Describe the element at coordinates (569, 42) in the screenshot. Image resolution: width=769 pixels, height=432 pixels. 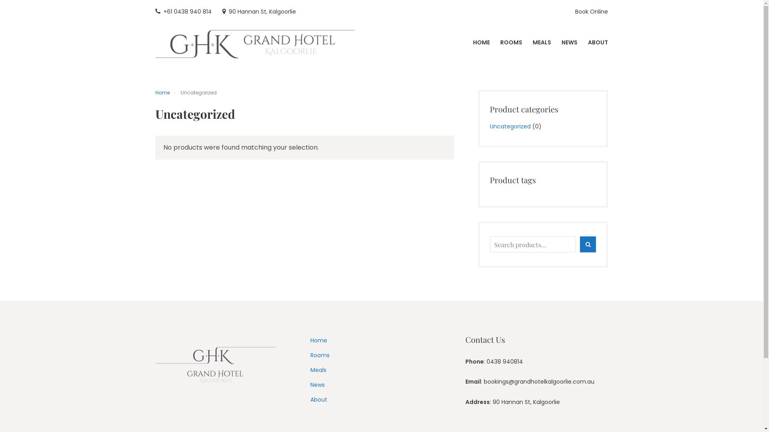
I see `'NEWS'` at that location.